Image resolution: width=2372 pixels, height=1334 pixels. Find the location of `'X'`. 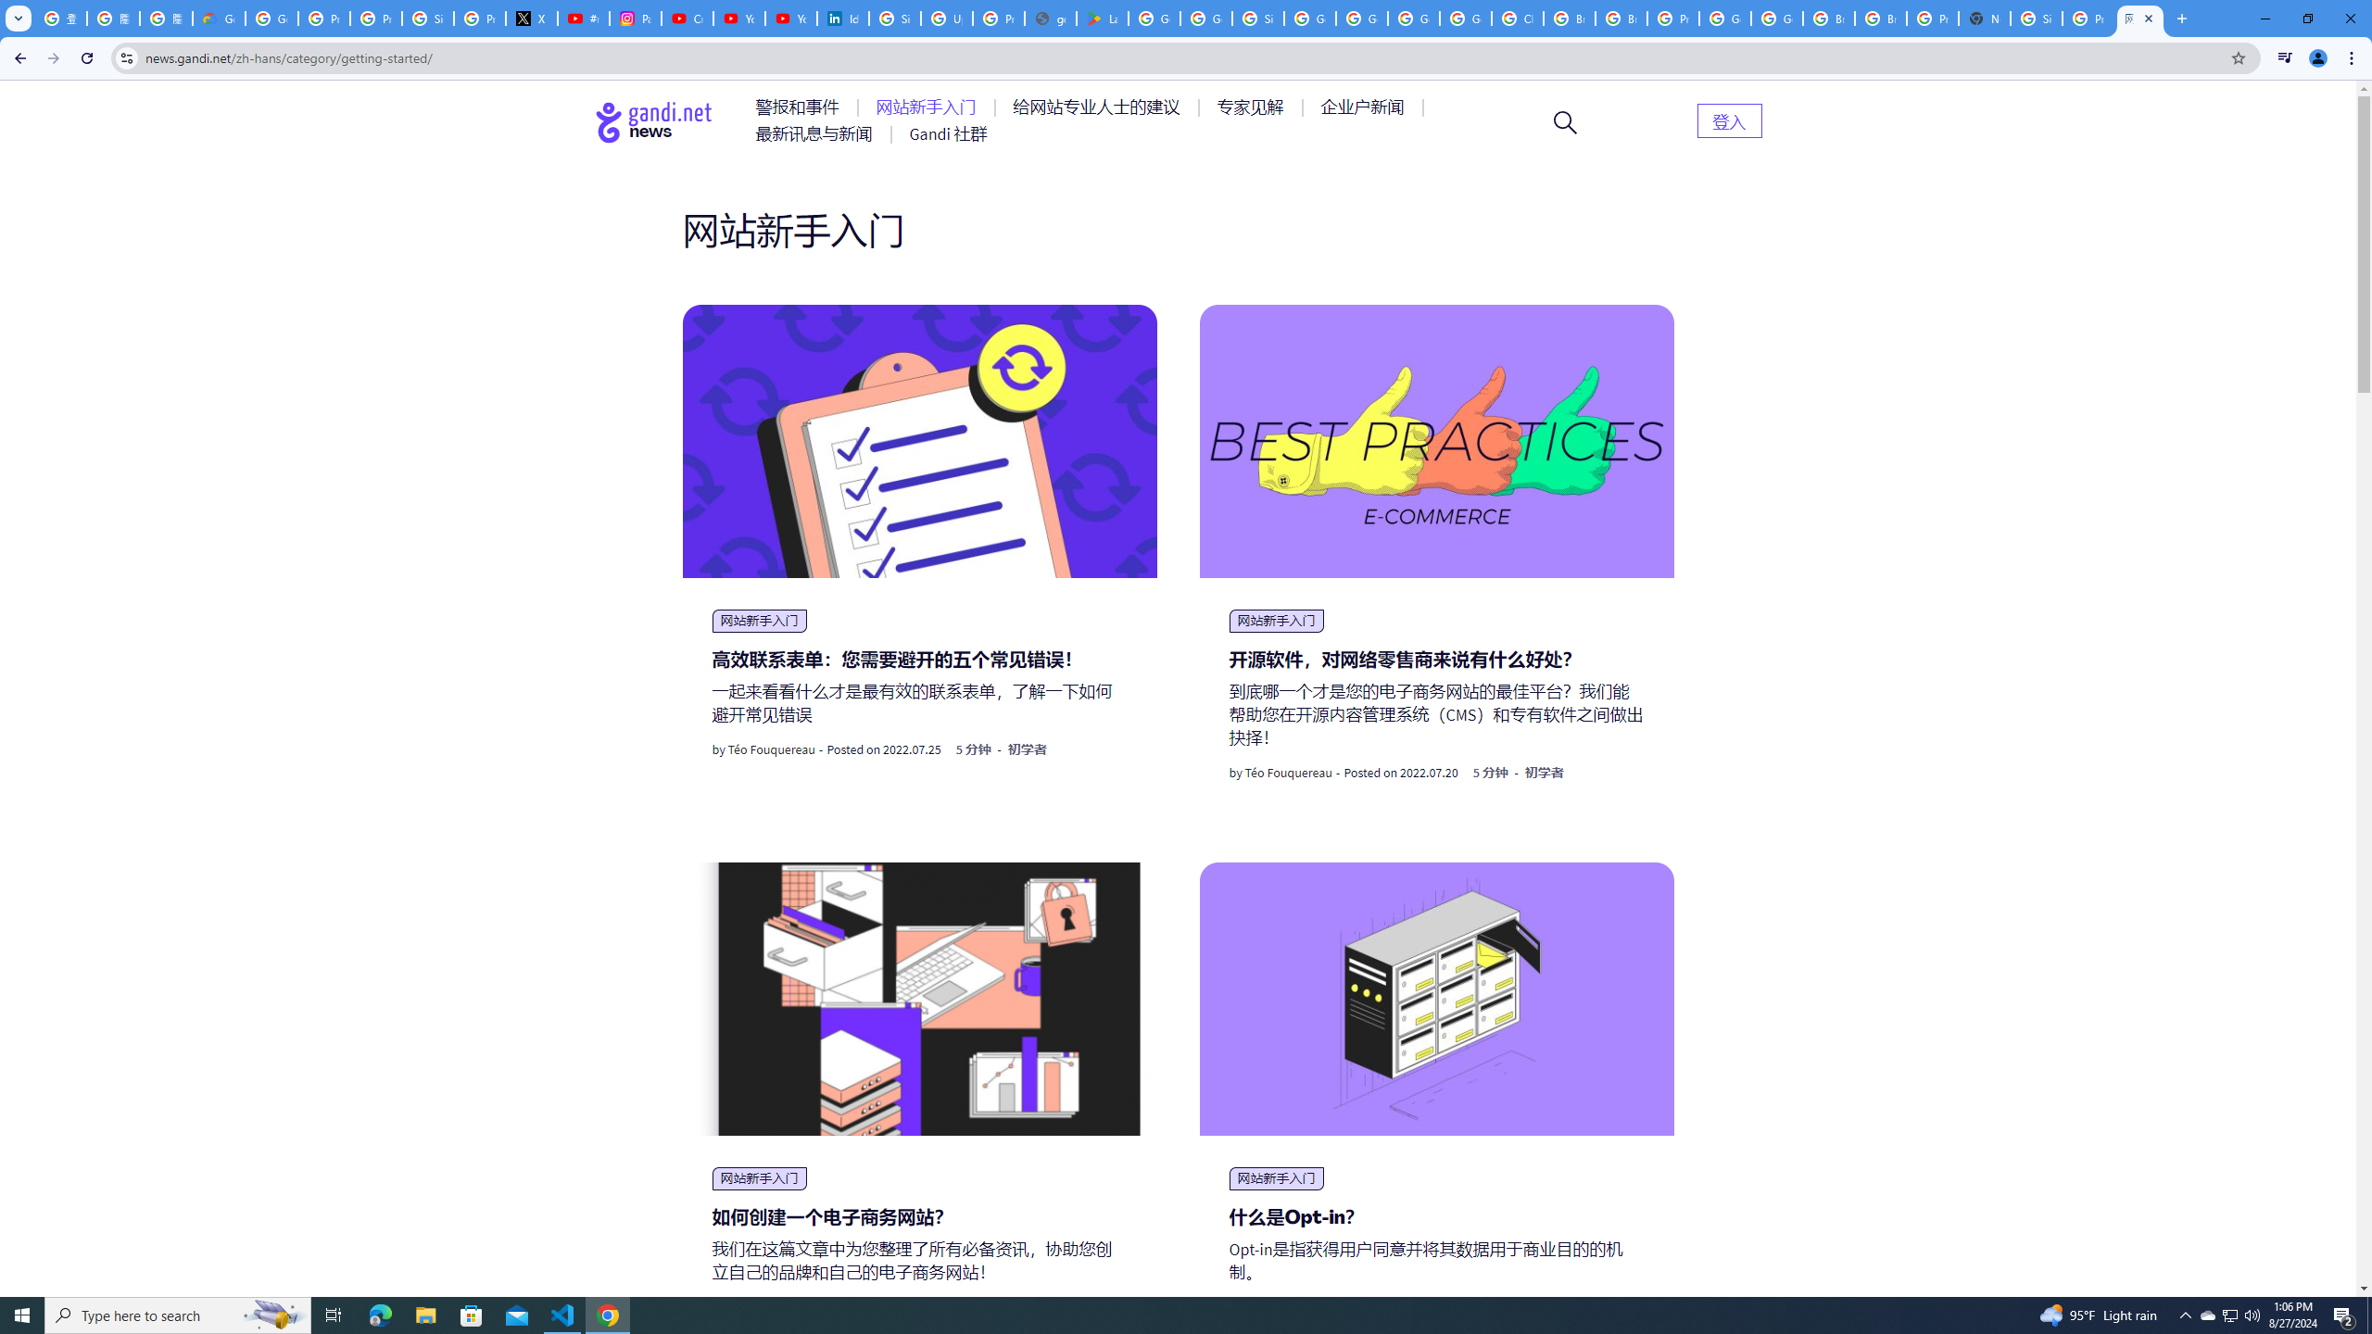

'X' is located at coordinates (532, 18).